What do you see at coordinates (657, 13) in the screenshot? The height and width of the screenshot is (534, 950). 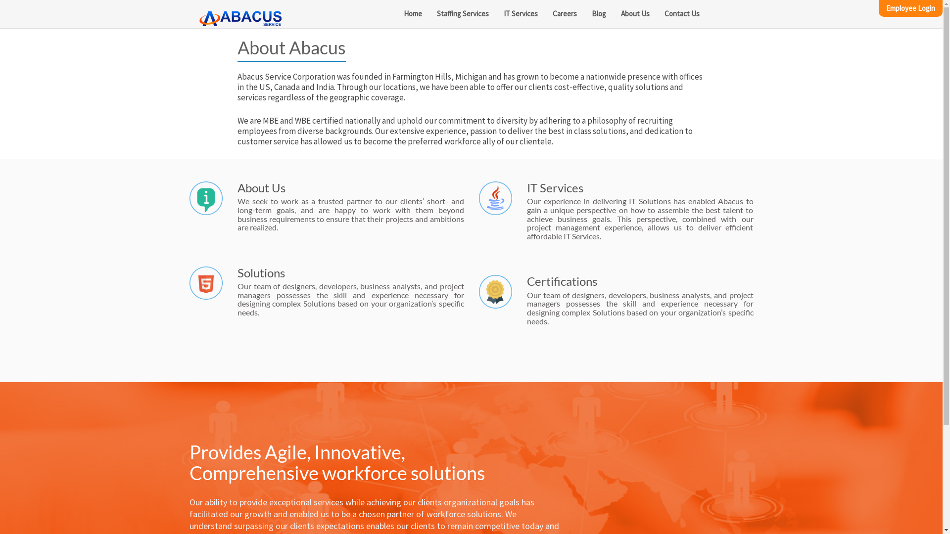 I see `'Contact Us'` at bounding box center [657, 13].